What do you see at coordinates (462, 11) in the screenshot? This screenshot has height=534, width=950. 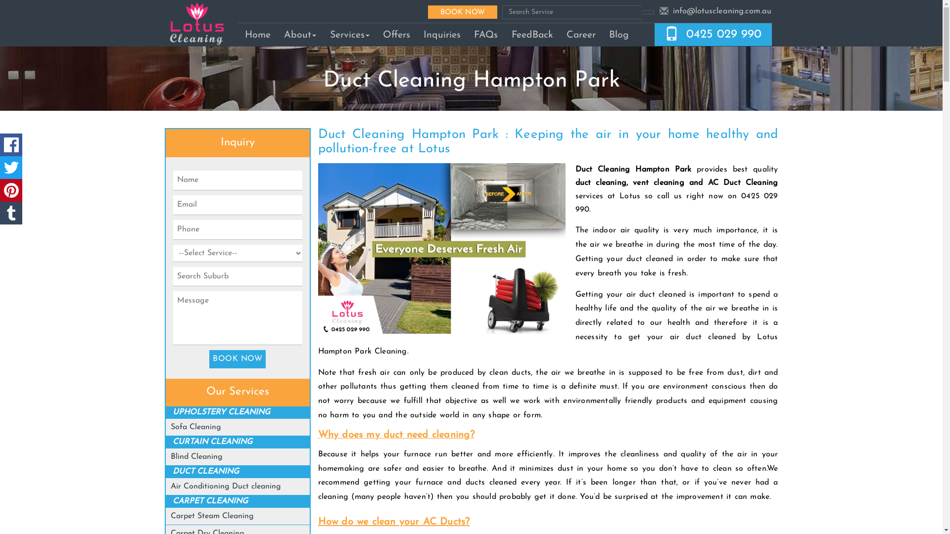 I see `'BOOK NOW'` at bounding box center [462, 11].